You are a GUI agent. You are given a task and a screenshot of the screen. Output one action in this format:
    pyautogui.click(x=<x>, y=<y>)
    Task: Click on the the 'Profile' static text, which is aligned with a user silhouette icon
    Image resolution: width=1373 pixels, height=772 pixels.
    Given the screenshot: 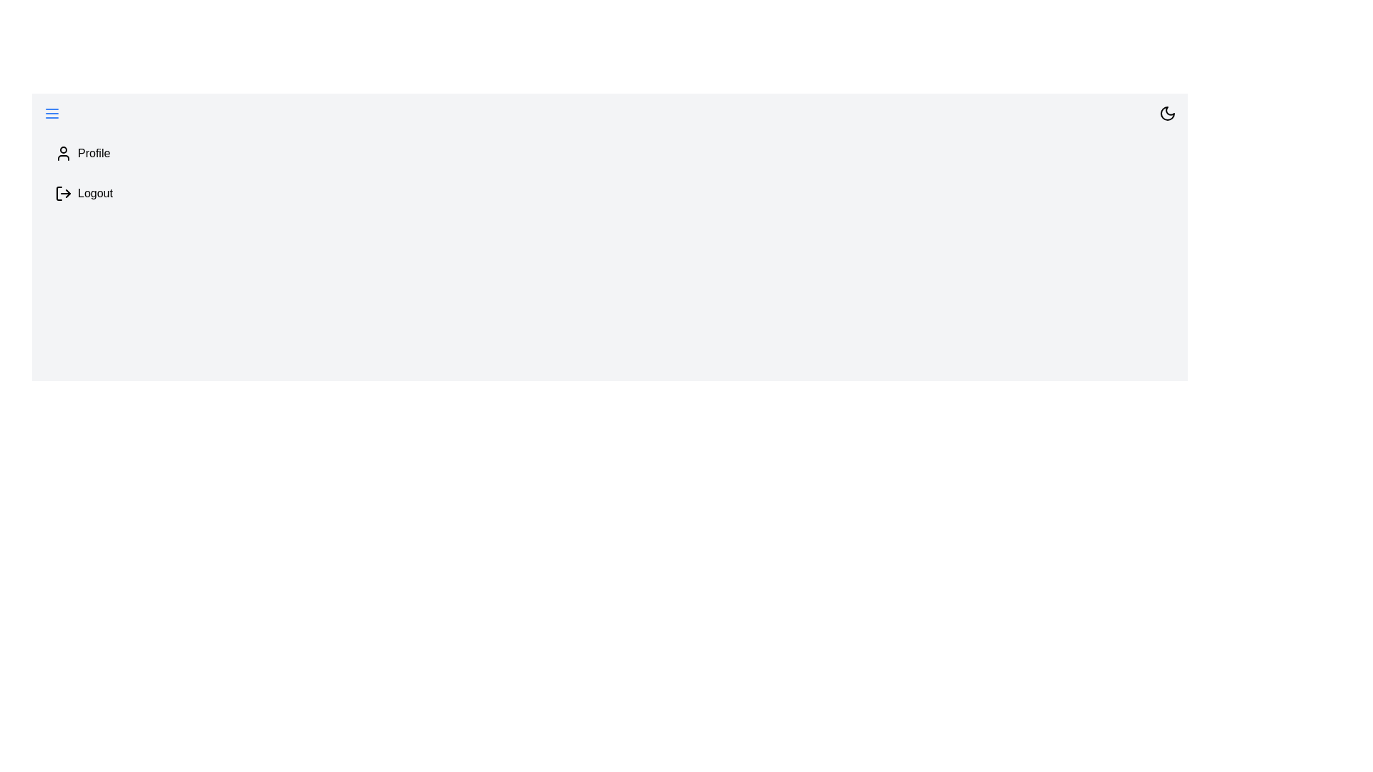 What is the action you would take?
    pyautogui.click(x=93, y=154)
    